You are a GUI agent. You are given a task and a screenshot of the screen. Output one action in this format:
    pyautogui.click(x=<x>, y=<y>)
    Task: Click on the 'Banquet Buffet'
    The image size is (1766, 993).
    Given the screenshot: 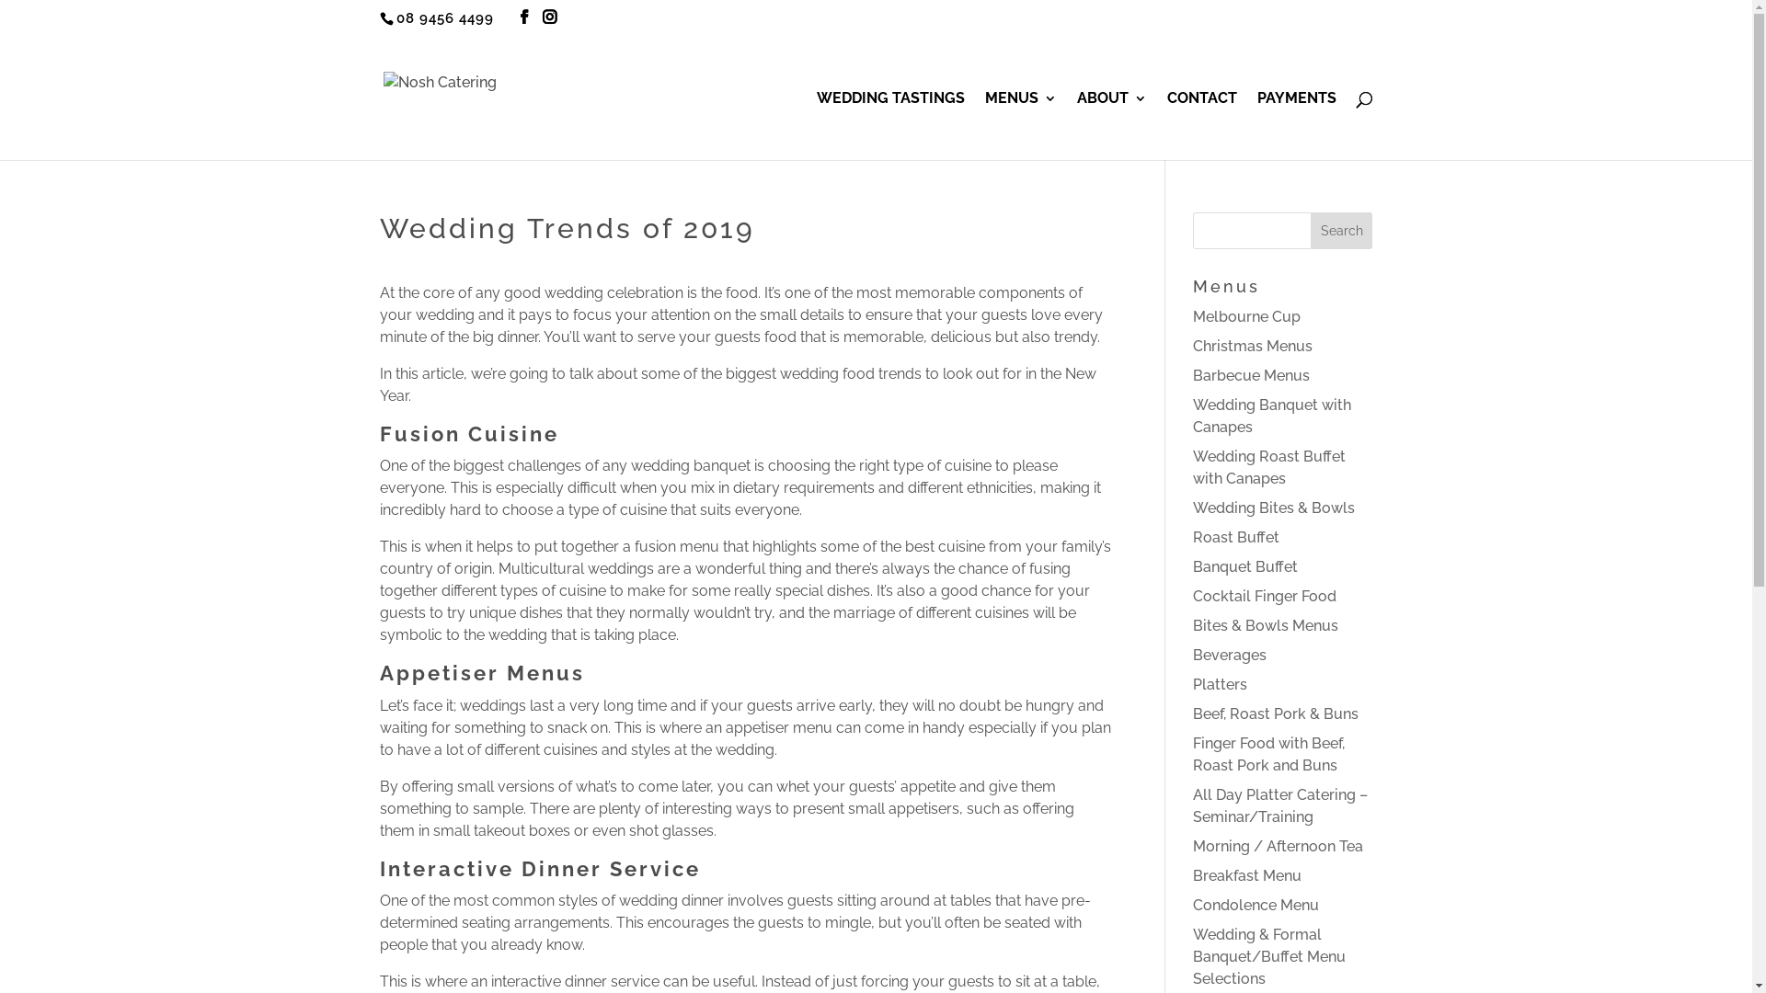 What is the action you would take?
    pyautogui.click(x=1192, y=565)
    